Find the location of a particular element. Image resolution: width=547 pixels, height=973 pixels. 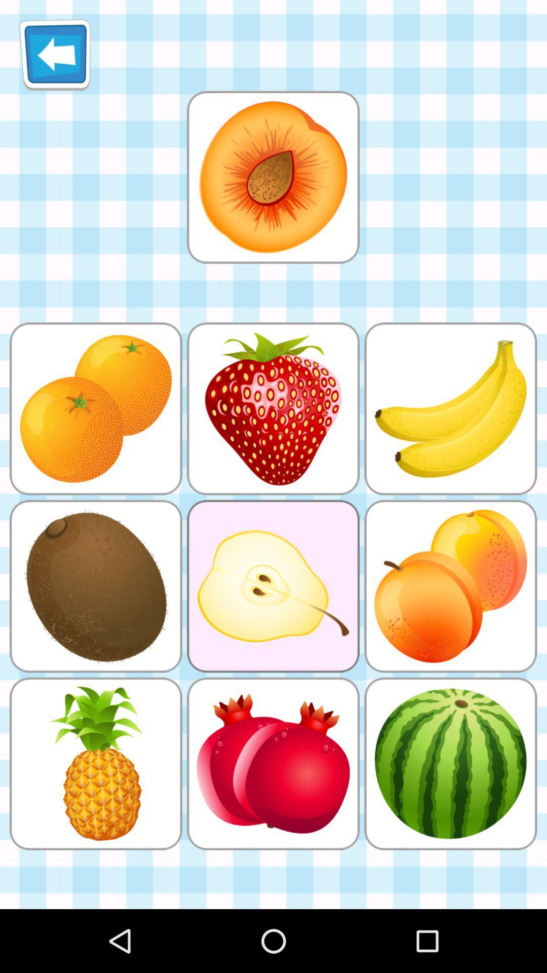

option 'peach is located at coordinates (272, 177).